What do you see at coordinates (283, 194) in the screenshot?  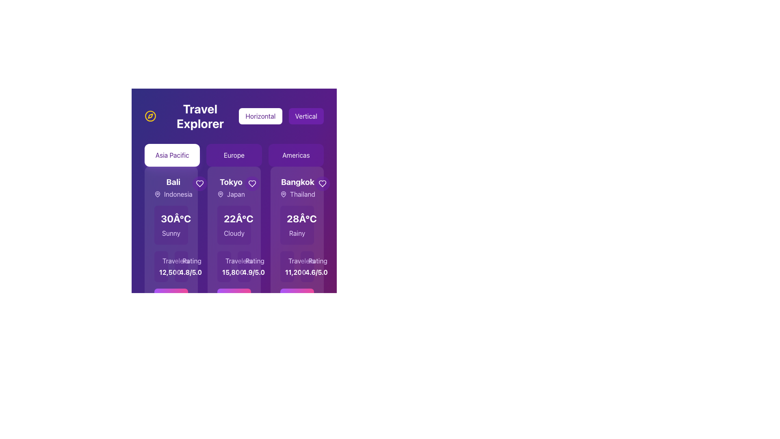 I see `the SVG graphical icon representing the location marker associated with 'Thailand', which is positioned to the left of the 'Thailand' text in the 'Bangkok' column under the 'Asia Pacific' section` at bounding box center [283, 194].